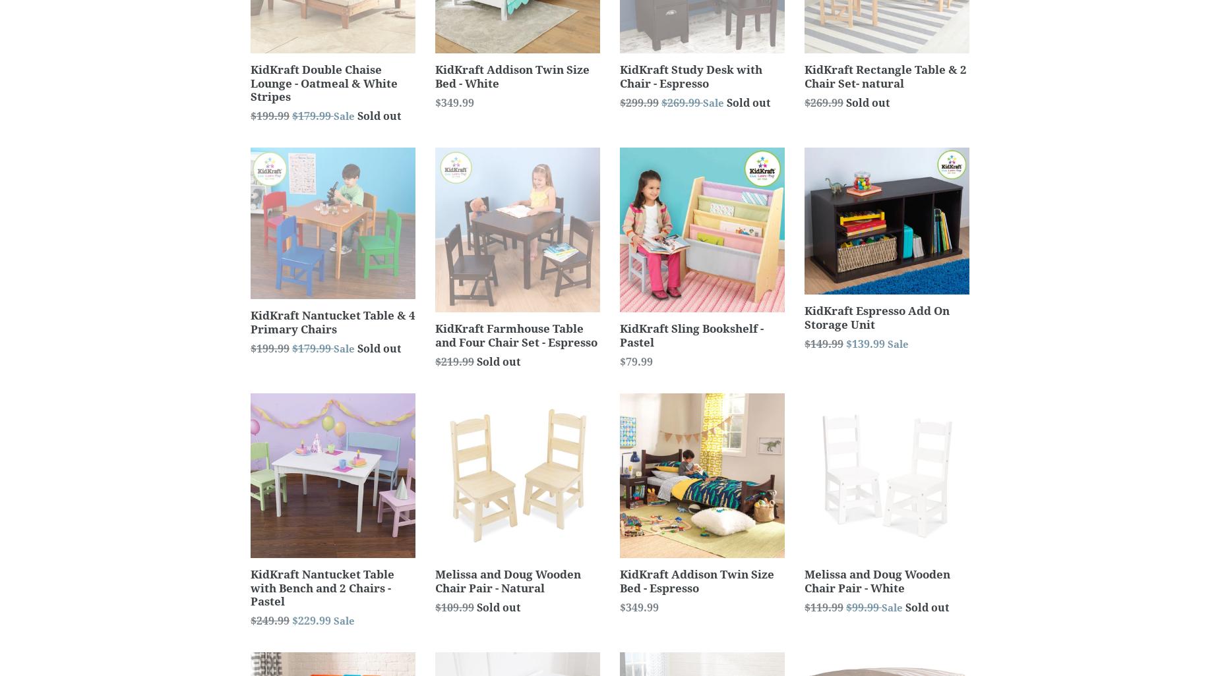  Describe the element at coordinates (435, 334) in the screenshot. I see `'KidKraft Farmhouse Table and Four Chair Set - Espresso'` at that location.